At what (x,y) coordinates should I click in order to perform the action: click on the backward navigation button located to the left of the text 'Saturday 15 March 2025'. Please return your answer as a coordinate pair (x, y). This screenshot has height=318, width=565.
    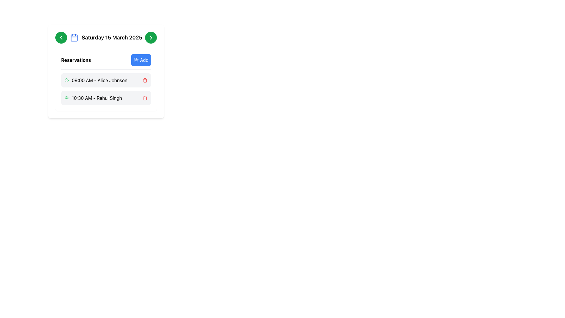
    Looking at the image, I should click on (61, 37).